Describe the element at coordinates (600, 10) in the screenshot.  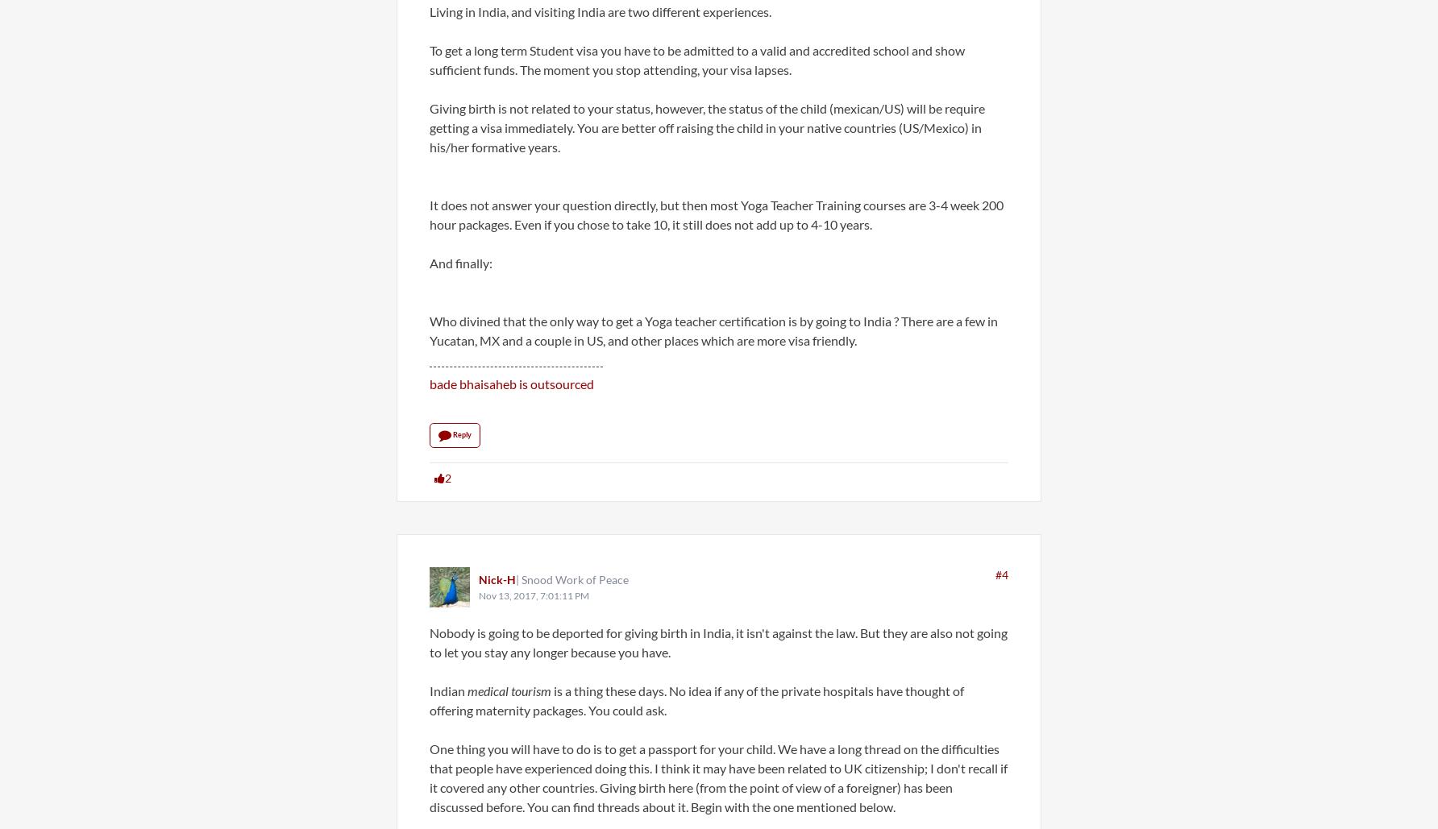
I see `'Living in India, and visiting India are two different experiences.'` at that location.